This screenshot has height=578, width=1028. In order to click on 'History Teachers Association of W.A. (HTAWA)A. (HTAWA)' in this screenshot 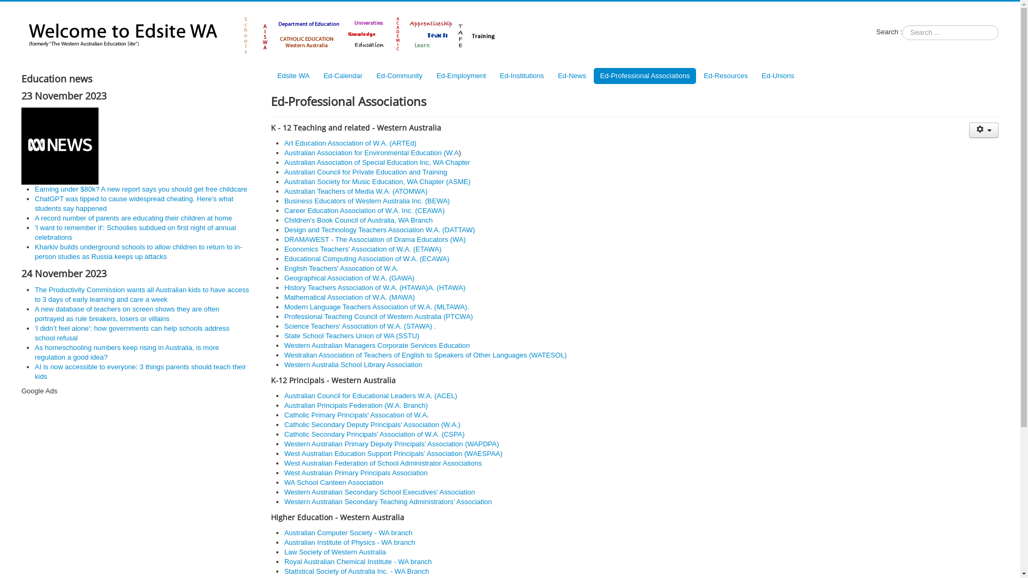, I will do `click(375, 287)`.